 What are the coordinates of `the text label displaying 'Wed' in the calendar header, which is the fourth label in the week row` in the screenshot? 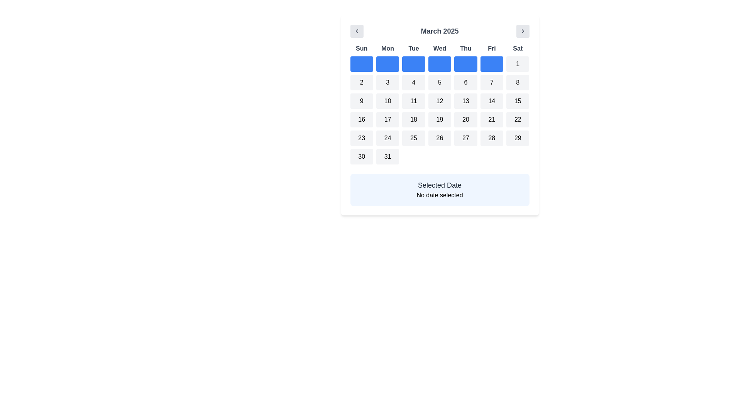 It's located at (440, 49).